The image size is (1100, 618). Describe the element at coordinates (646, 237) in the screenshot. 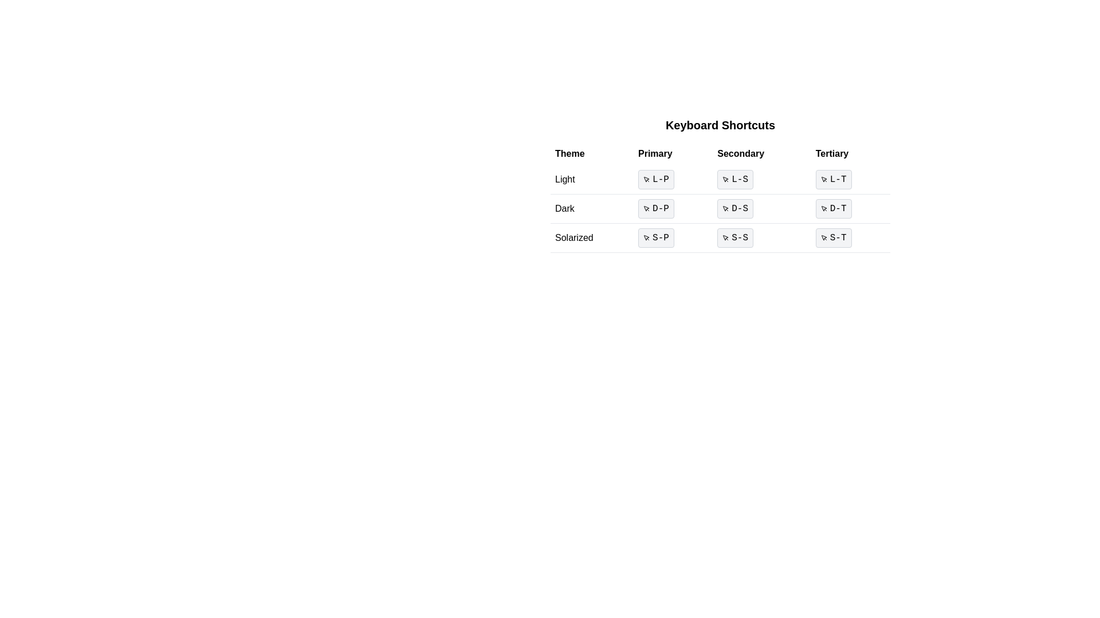

I see `the compact SVG icon representing a mouse pointer, located in the upper-left corner of the button labeled 'S-P' in the 'Primary' column of the 'Solarized' row in the keyboard shortcuts table` at that location.